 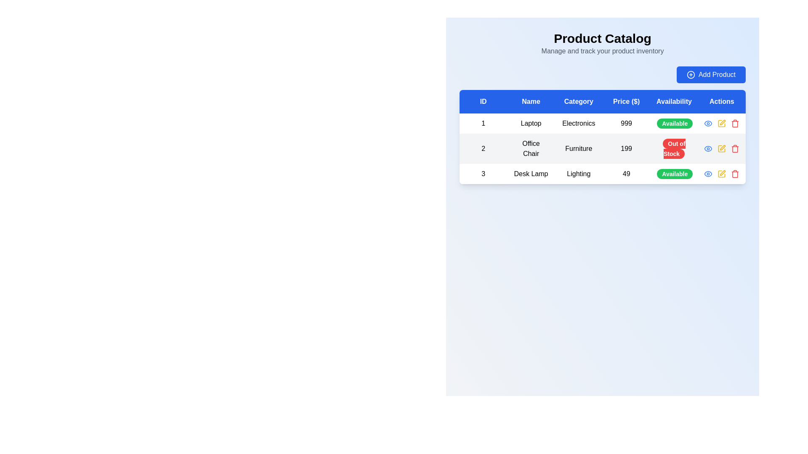 I want to click on the small yellow button with a pen icon in the 'Actions' column of the table, associated with the 'Desk Lamp' entry, so click(x=721, y=173).